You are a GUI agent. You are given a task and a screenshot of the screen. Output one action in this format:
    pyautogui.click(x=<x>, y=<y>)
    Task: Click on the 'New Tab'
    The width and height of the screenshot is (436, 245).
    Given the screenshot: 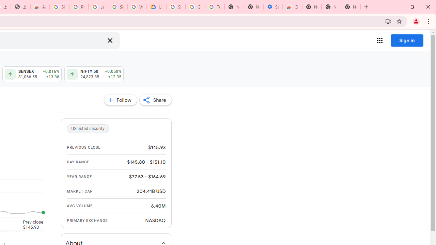 What is the action you would take?
    pyautogui.click(x=351, y=7)
    